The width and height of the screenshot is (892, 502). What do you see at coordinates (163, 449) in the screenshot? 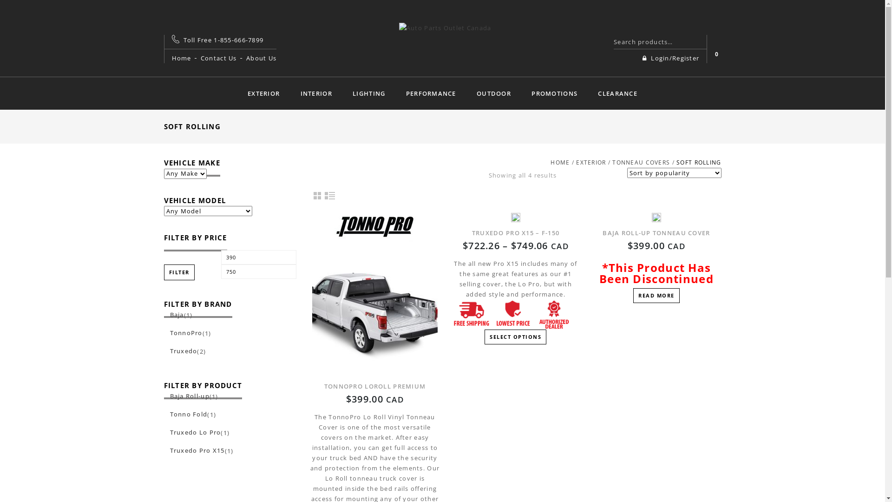
I see `'Truxedo Pro X15'` at bounding box center [163, 449].